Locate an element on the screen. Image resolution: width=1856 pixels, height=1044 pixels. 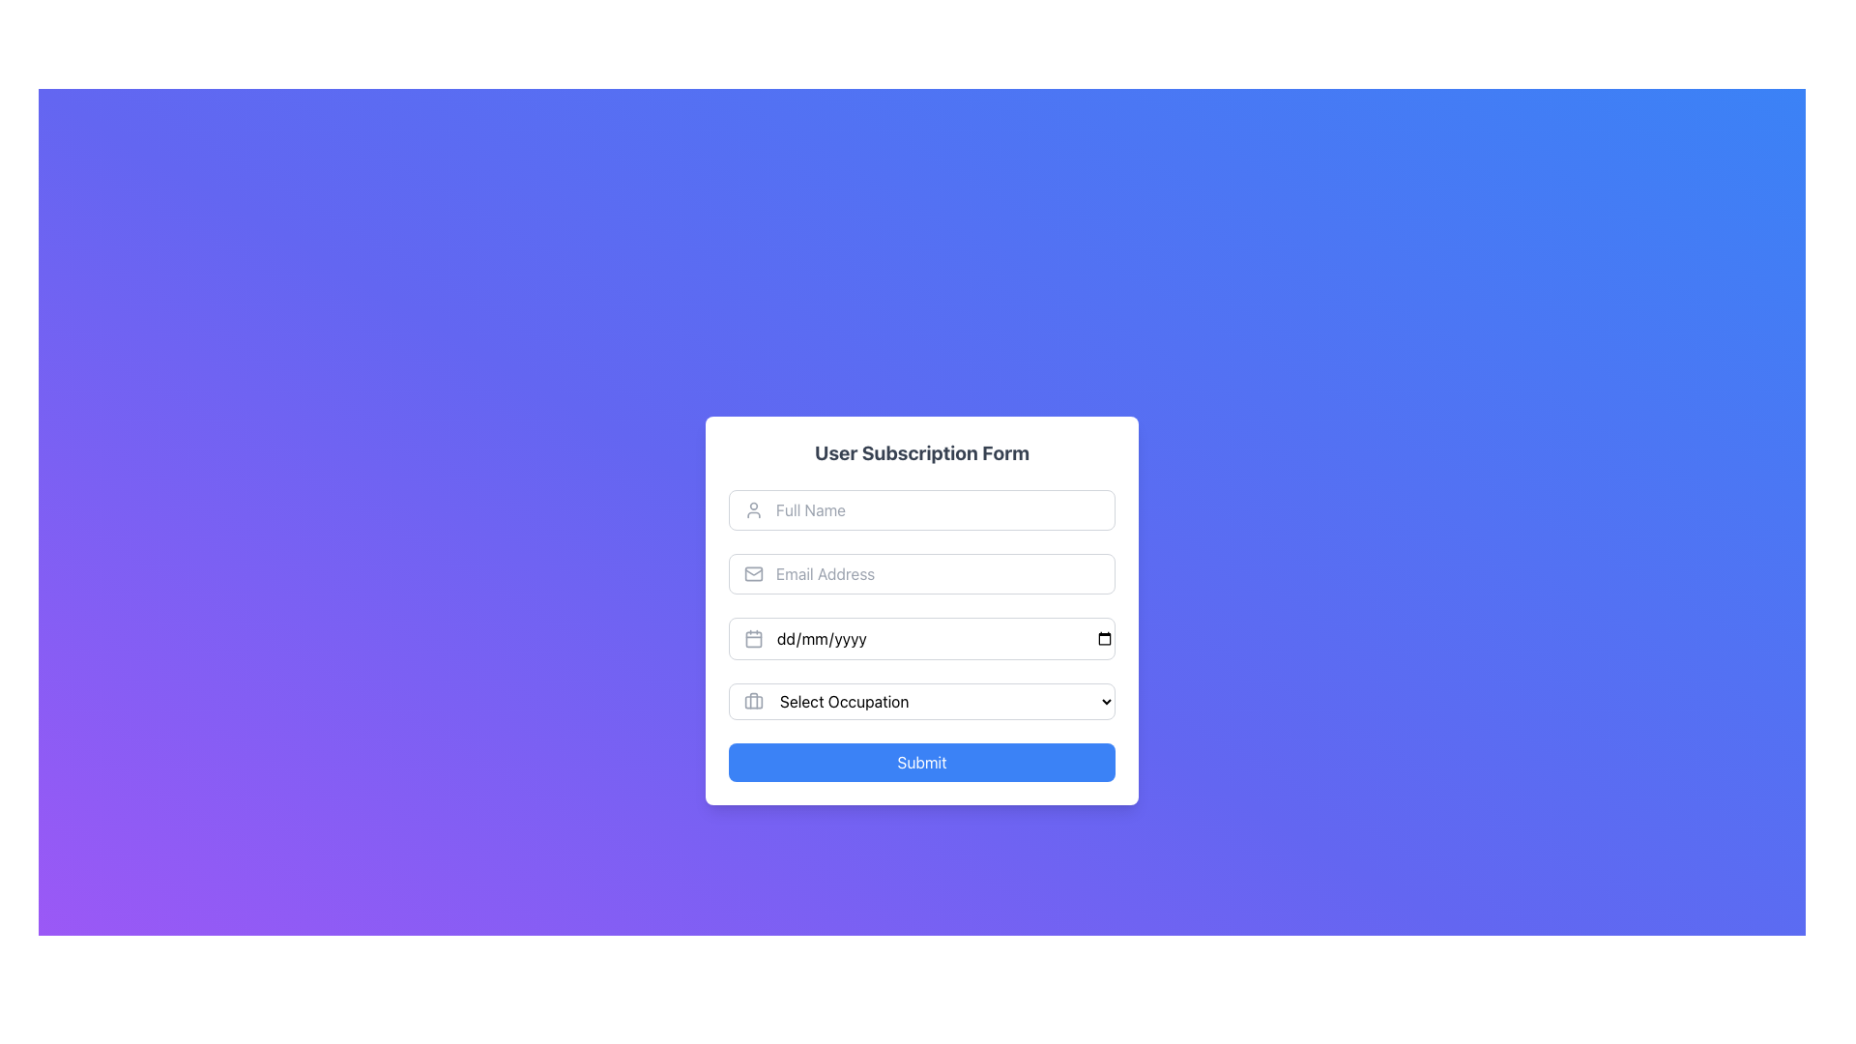
the envelope icon located within the Email Address field of the User Subscription Form, which has a light gray fill and rounded corners is located at coordinates (752, 573).